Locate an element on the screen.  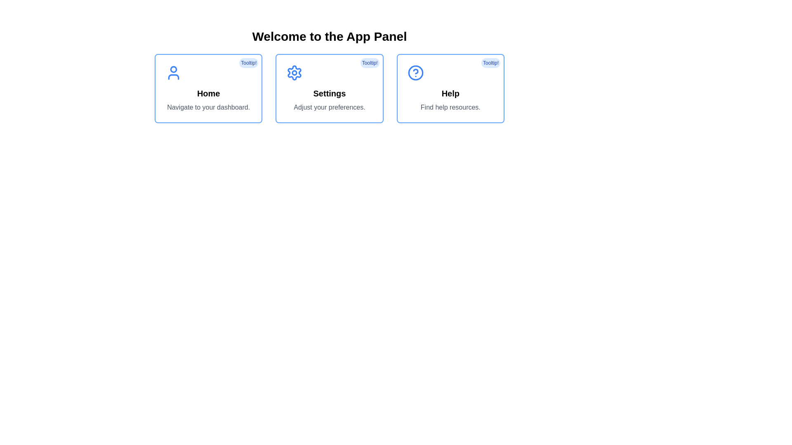
the filled circle located at the center of the gear icon in the 'Settings' section of the user interface is located at coordinates (295, 73).